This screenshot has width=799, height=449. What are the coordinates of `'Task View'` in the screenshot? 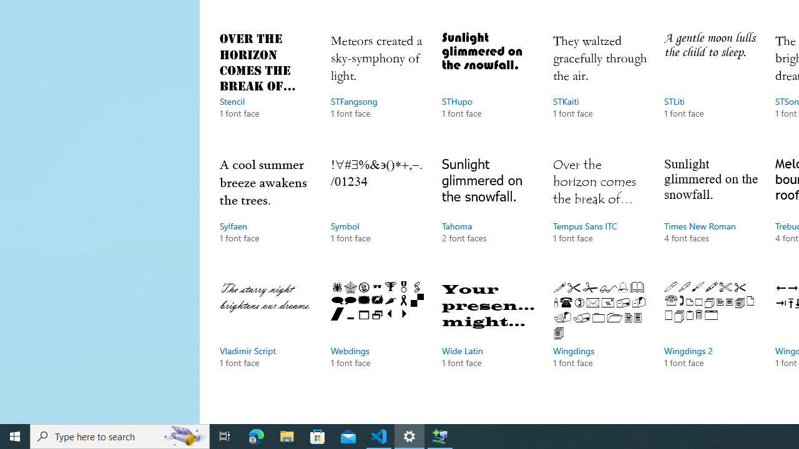 It's located at (224, 435).